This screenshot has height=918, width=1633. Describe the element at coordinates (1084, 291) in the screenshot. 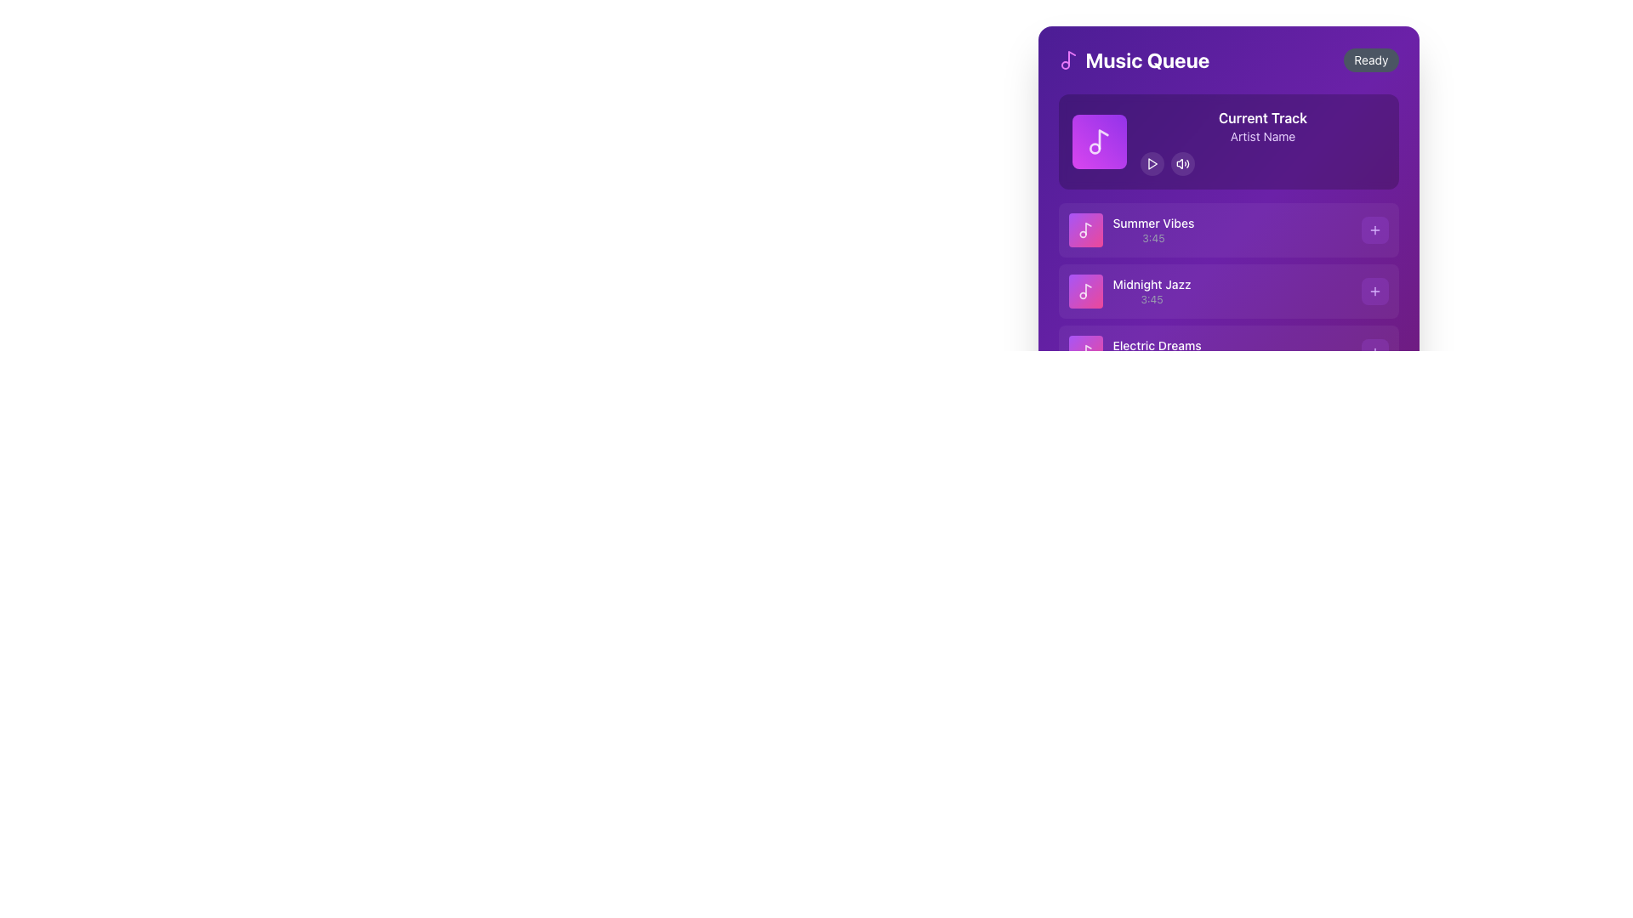

I see `the square-shaped icon button with a gradient background from purple to pink, featuring a white music note icon, located to the left of the text label 'Midnight Jazz 3:45'` at that location.